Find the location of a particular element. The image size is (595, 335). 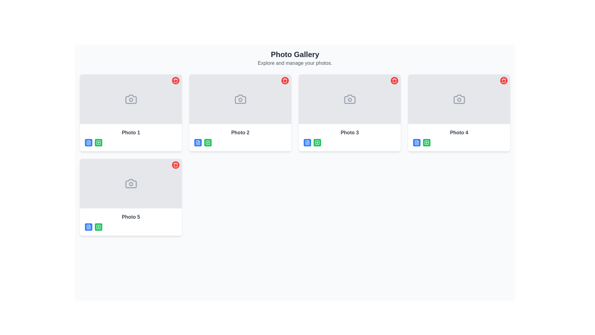

the camera icon located in the header area of the 'Photo 4' card, which features a rectangular shape with curved edges and a circular lens in the center is located at coordinates (459, 99).